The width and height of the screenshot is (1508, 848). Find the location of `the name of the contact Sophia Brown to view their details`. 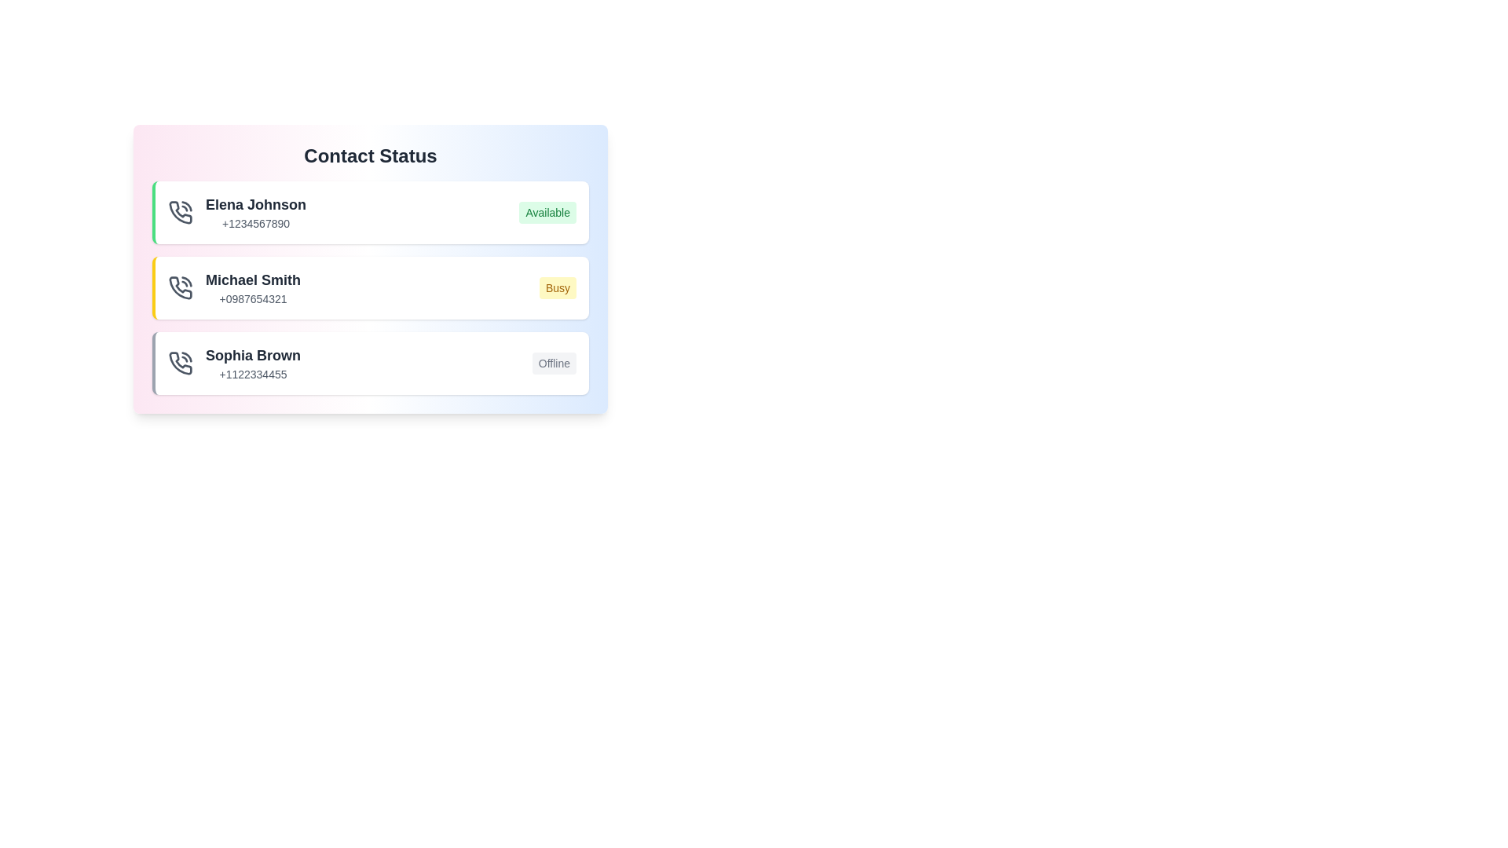

the name of the contact Sophia Brown to view their details is located at coordinates (252, 355).